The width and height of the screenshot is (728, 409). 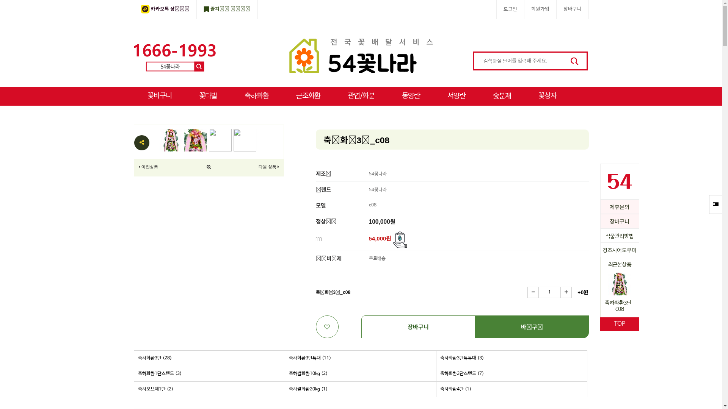 What do you see at coordinates (619, 324) in the screenshot?
I see `'TOP'` at bounding box center [619, 324].